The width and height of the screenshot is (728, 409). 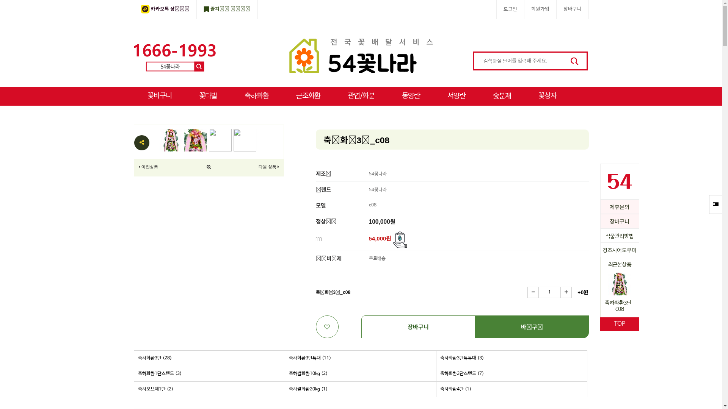 What do you see at coordinates (619, 324) in the screenshot?
I see `'TOP'` at bounding box center [619, 324].